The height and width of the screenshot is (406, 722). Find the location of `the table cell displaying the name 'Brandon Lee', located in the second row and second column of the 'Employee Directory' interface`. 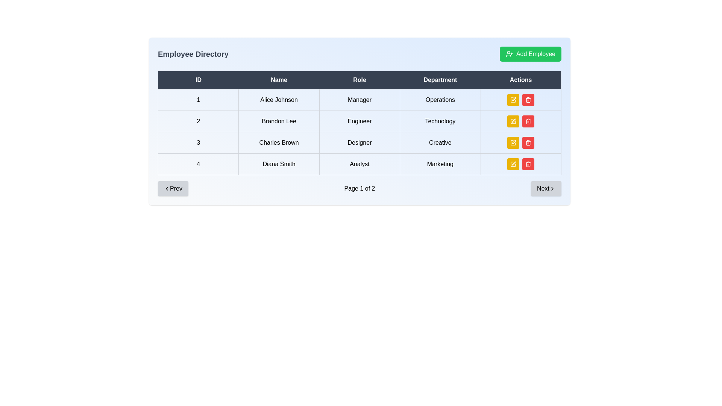

the table cell displaying the name 'Brandon Lee', located in the second row and second column of the 'Employee Directory' interface is located at coordinates (279, 121).